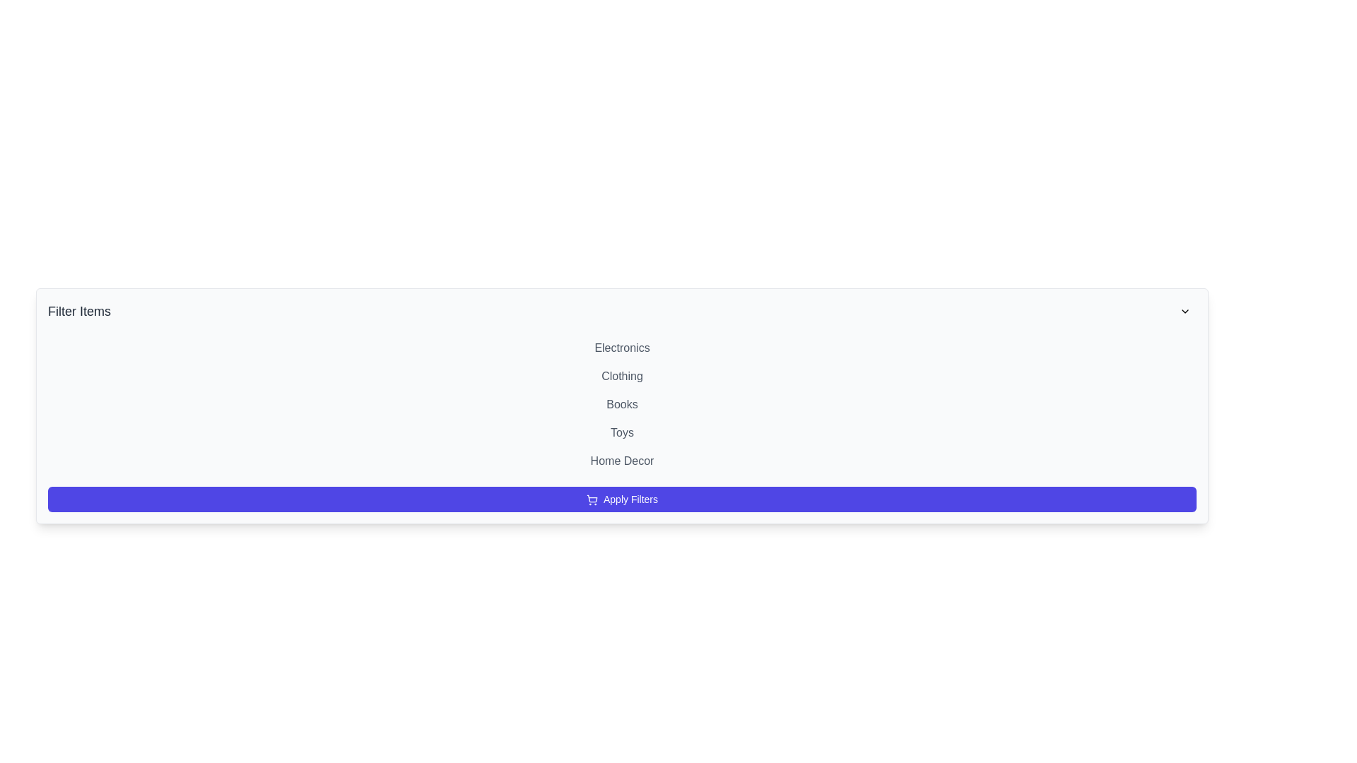 The height and width of the screenshot is (763, 1357). I want to click on the 'Books' text label in the filter menu, so click(622, 405).